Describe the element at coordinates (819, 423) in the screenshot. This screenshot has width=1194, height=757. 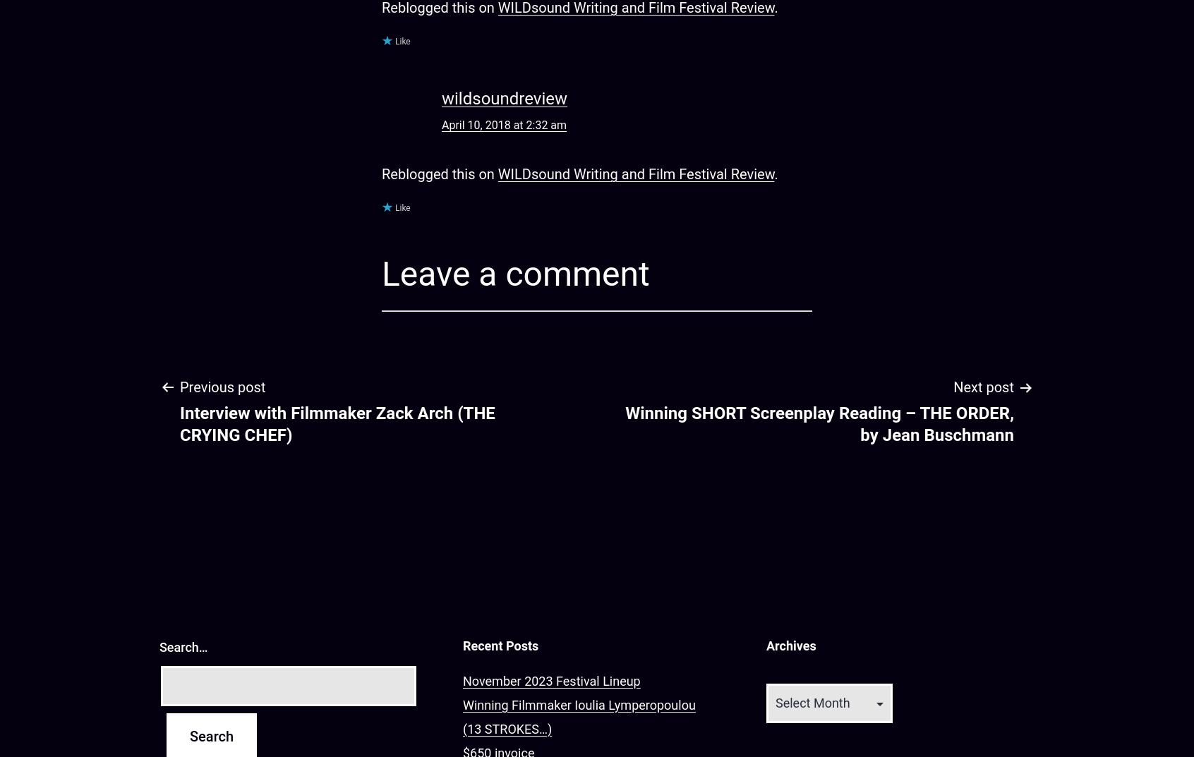
I see `'Winning SHORT Screenplay Reading – THE ORDER, by Jean Buschmann'` at that location.